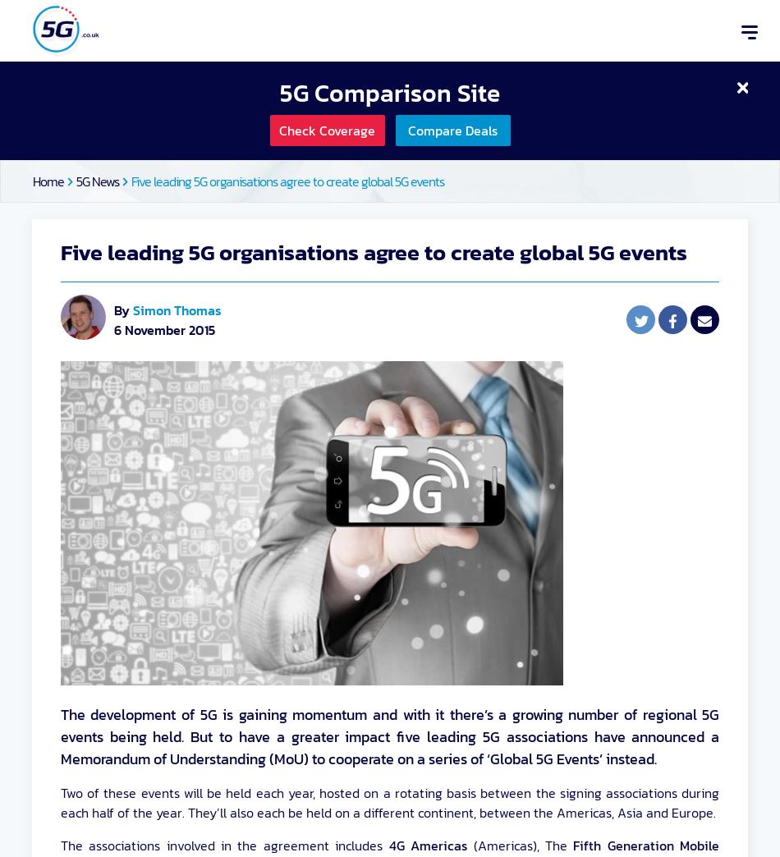 The height and width of the screenshot is (857, 780). What do you see at coordinates (326, 130) in the screenshot?
I see `'Check Coverage'` at bounding box center [326, 130].